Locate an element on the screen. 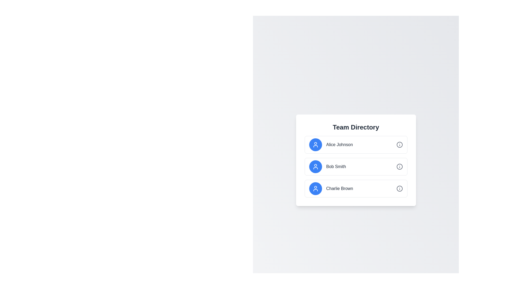  the static textual header that provides context and a title for the directory of team members, positioned above the names 'Alice Johnson', 'Bob Smith', and 'Charlie Brown' is located at coordinates (356, 127).